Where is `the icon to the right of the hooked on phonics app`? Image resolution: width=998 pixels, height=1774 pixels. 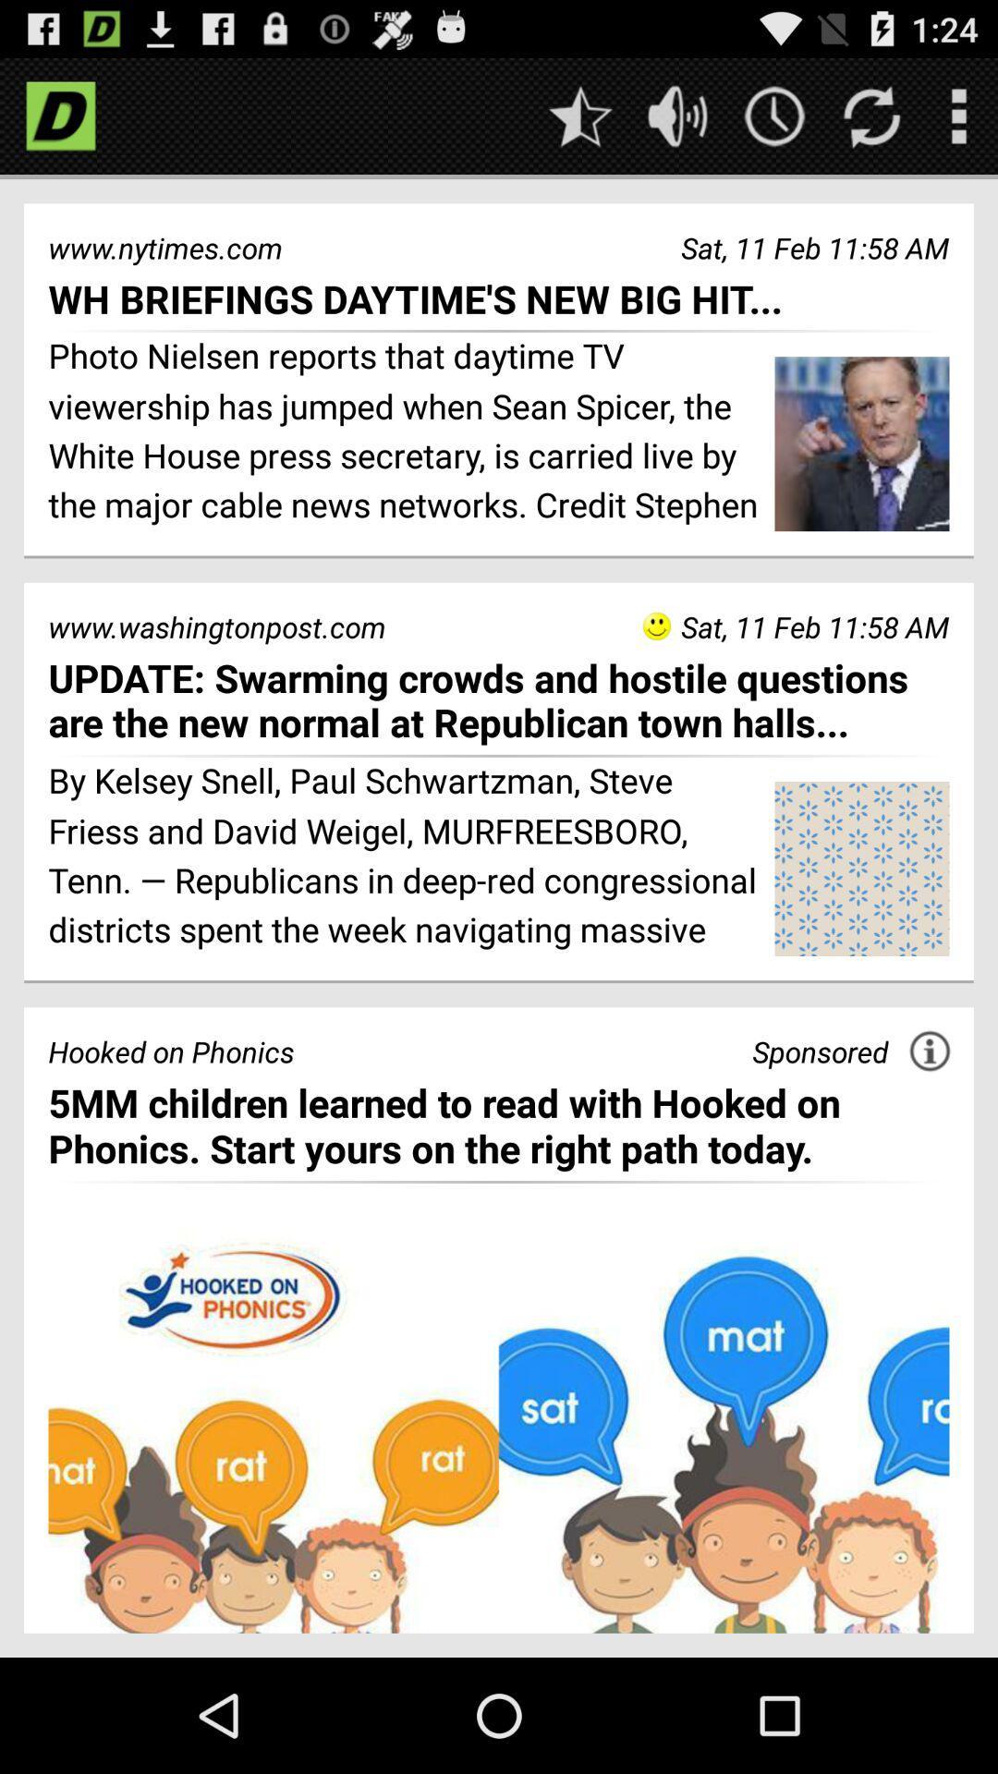
the icon to the right of the hooked on phonics app is located at coordinates (819, 1051).